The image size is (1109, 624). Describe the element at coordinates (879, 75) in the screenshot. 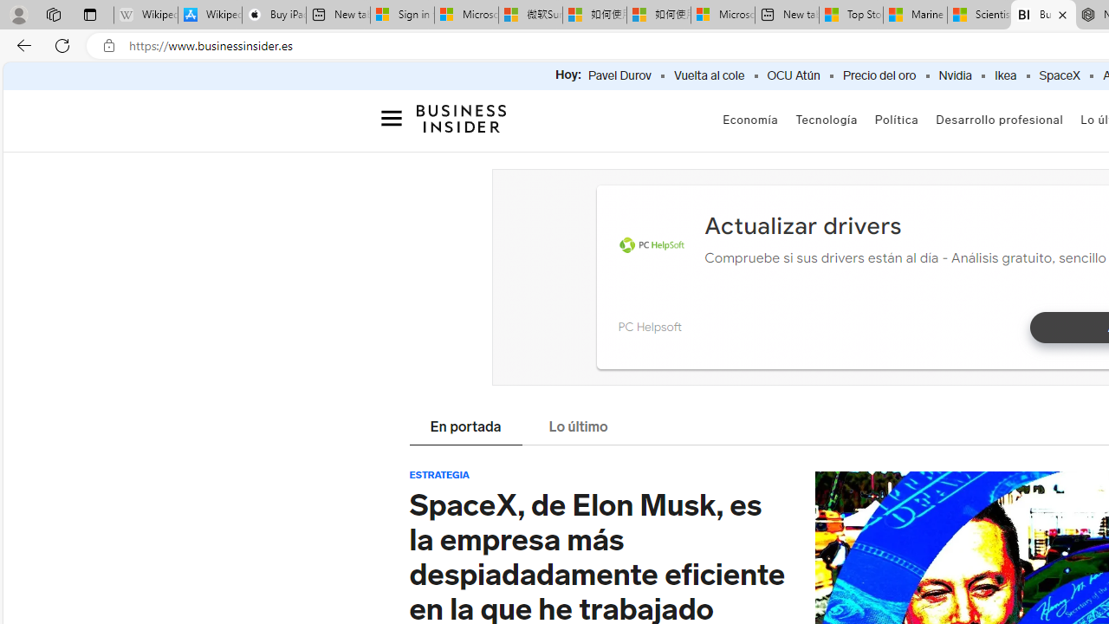

I see `'Precio del oro'` at that location.